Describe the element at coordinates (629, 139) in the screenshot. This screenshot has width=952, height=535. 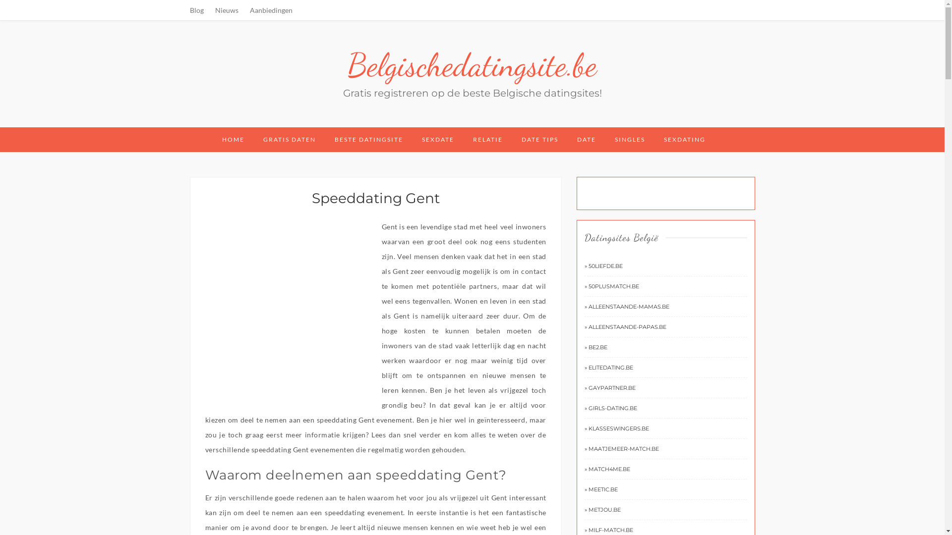
I see `'SINGLES'` at that location.